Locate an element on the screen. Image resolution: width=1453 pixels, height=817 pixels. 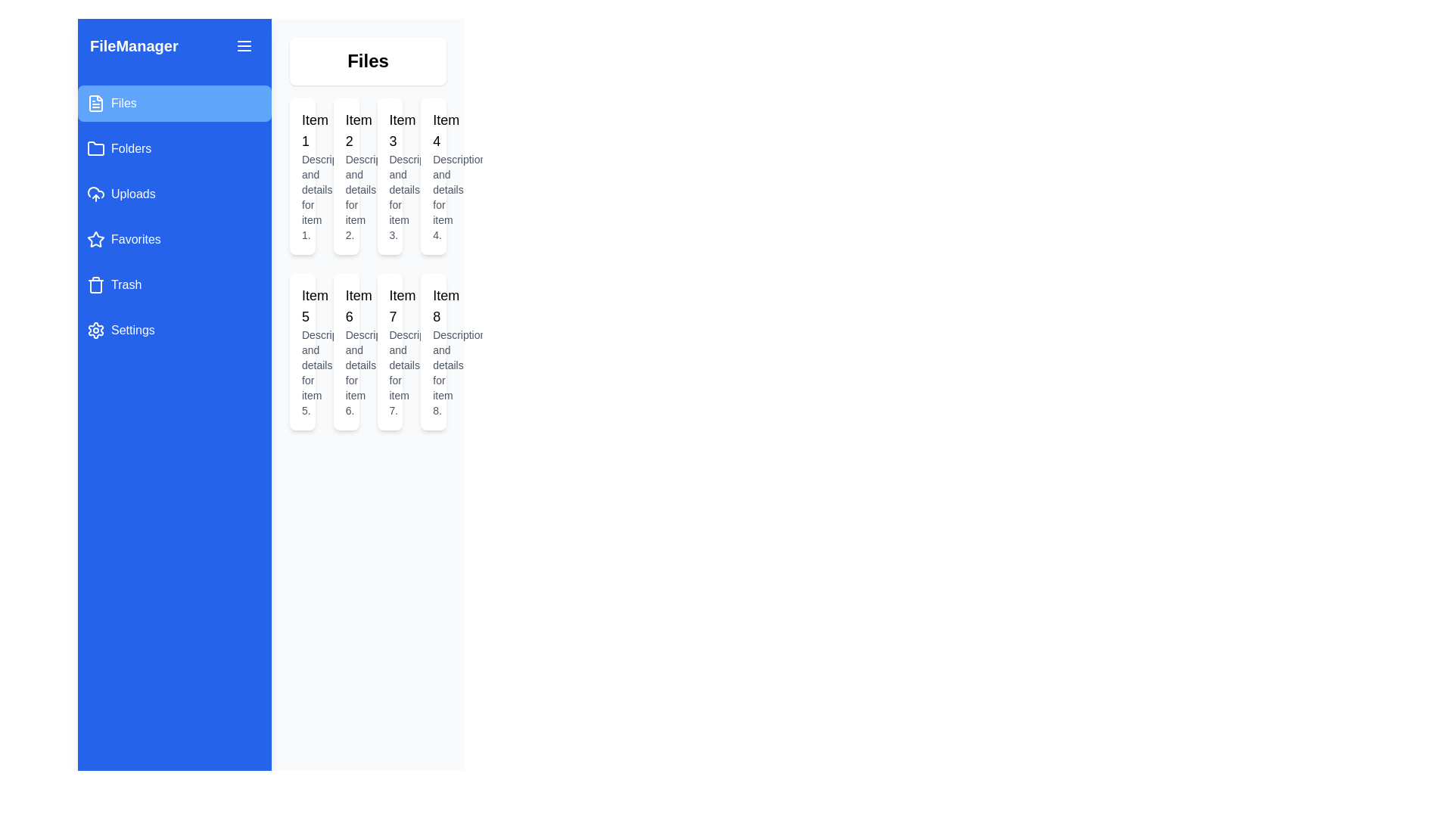
the text label located in the top-left quadrant of the second card in the grid layout is located at coordinates (345, 130).